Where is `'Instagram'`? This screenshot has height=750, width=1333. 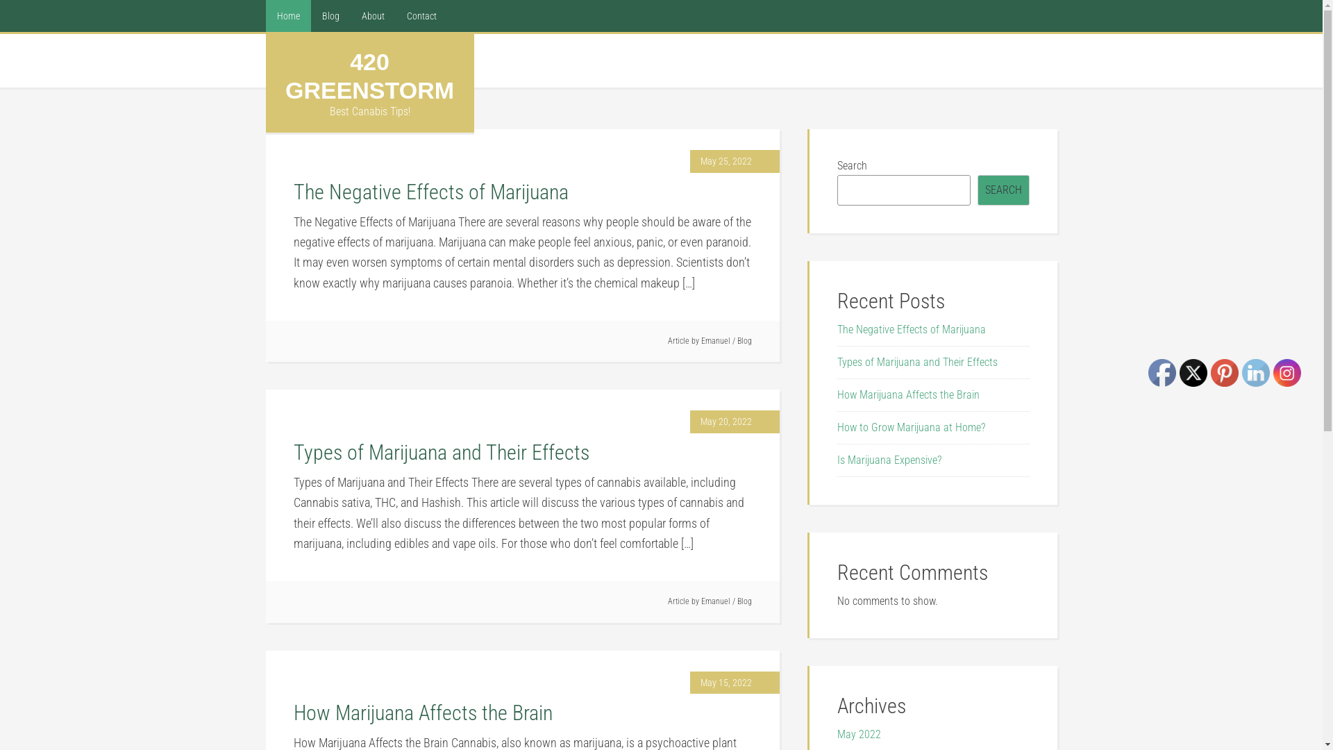 'Instagram' is located at coordinates (1286, 372).